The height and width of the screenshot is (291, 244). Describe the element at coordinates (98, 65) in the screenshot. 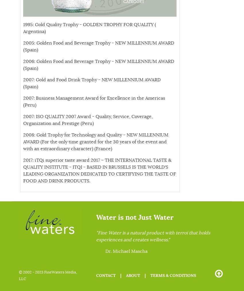

I see `'2006: Golden Food and Beverage Trophy - NEW MILLENNIUM AWARD (Spain)'` at that location.